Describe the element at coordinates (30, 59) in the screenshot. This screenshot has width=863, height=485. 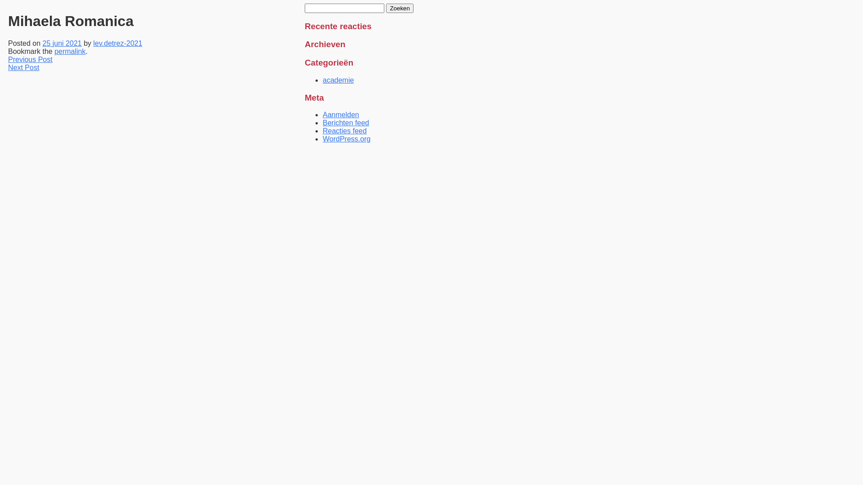
I see `'Previous Post'` at that location.